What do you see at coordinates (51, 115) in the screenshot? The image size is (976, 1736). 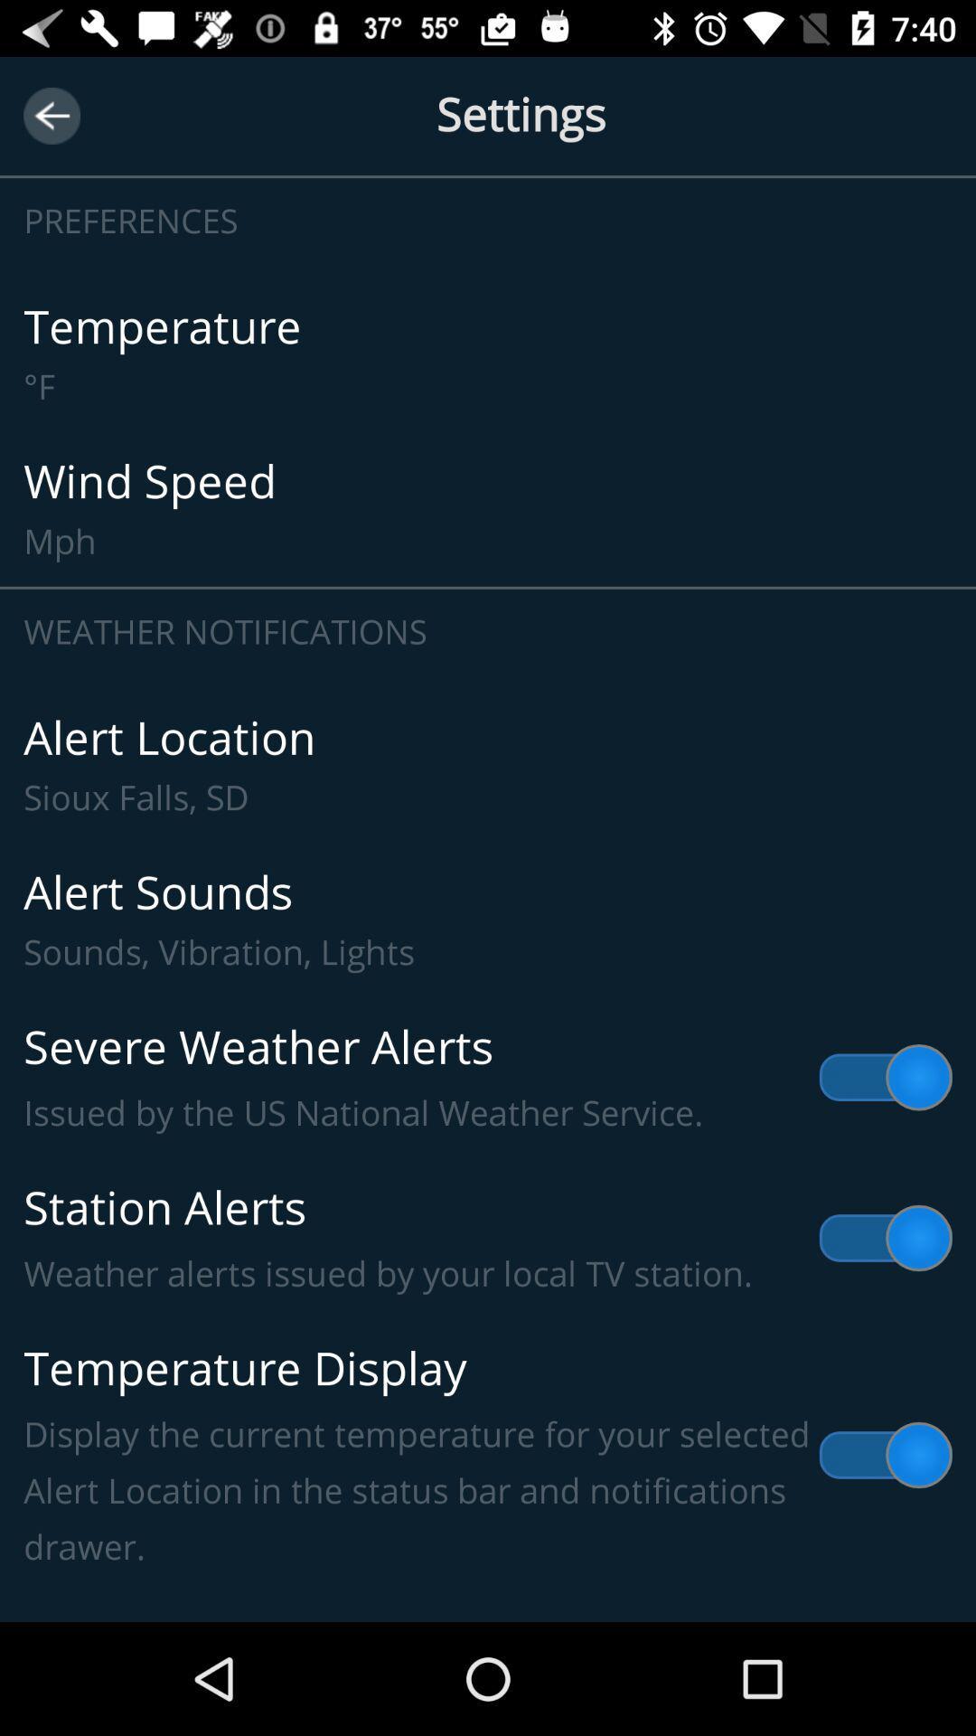 I see `the arrow_backward icon` at bounding box center [51, 115].